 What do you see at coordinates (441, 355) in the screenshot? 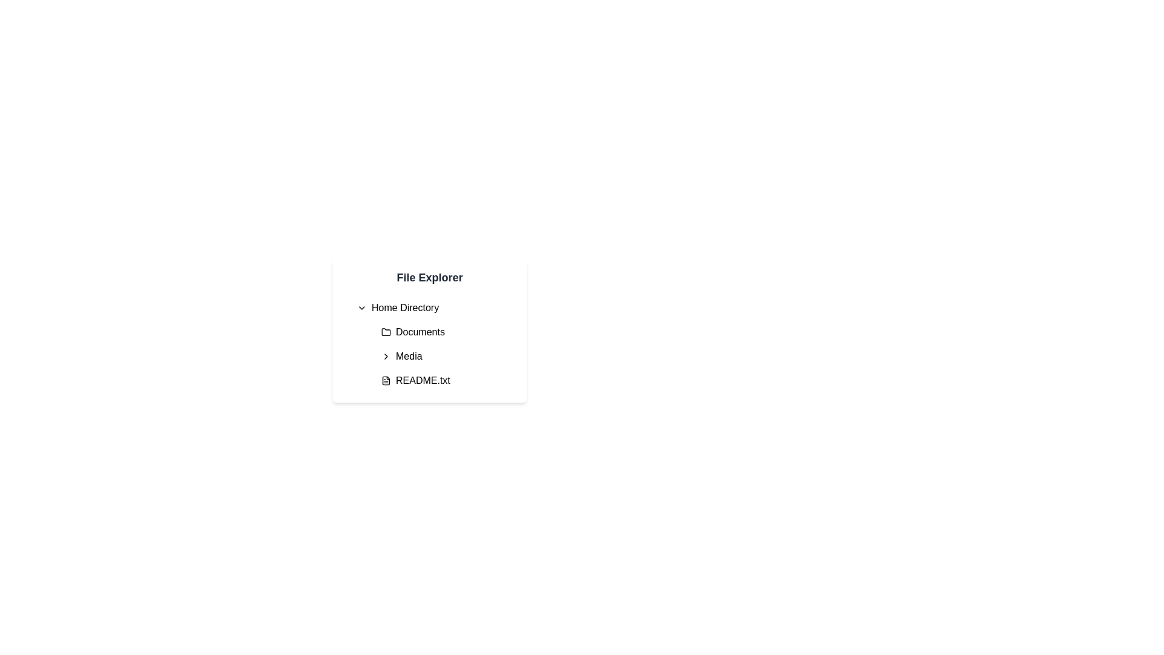
I see `the 'Media' folder indicator located under the 'Documents' folder in the file explorer navigation` at bounding box center [441, 355].